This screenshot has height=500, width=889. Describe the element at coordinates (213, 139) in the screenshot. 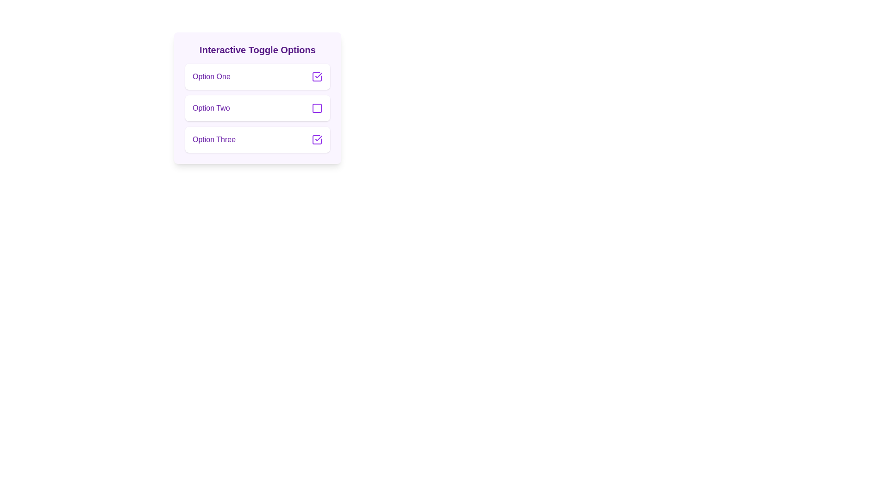

I see `the leftmost text label in the third row of a vertically stacked group of options` at that location.